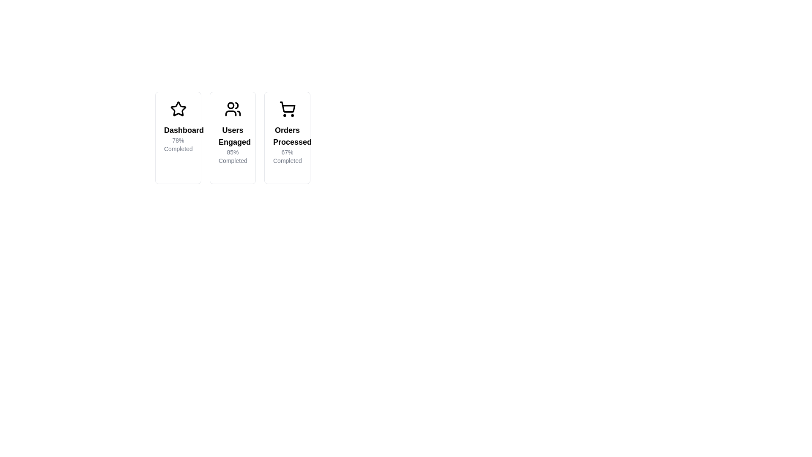 The width and height of the screenshot is (812, 457). Describe the element at coordinates (230, 105) in the screenshot. I see `the circular decorative graphic within the 'Users Engaged' graphical icon` at that location.